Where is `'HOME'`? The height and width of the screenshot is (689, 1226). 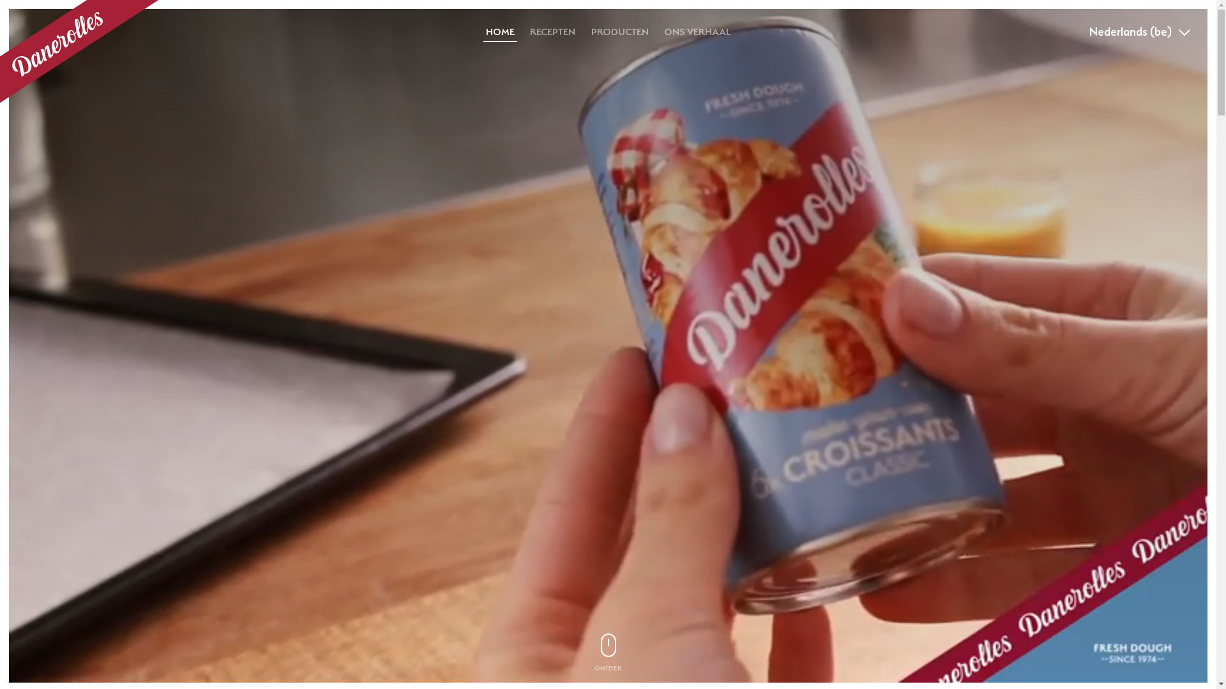 'HOME' is located at coordinates (499, 31).